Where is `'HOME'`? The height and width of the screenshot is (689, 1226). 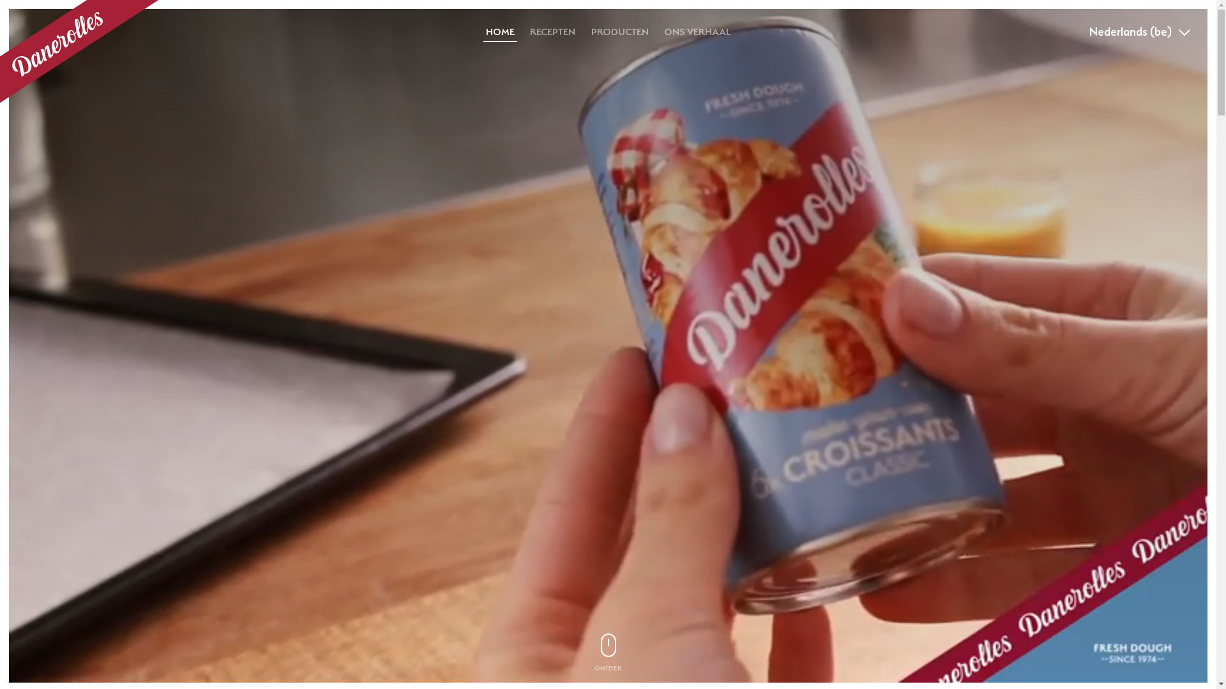 'HOME' is located at coordinates (499, 31).